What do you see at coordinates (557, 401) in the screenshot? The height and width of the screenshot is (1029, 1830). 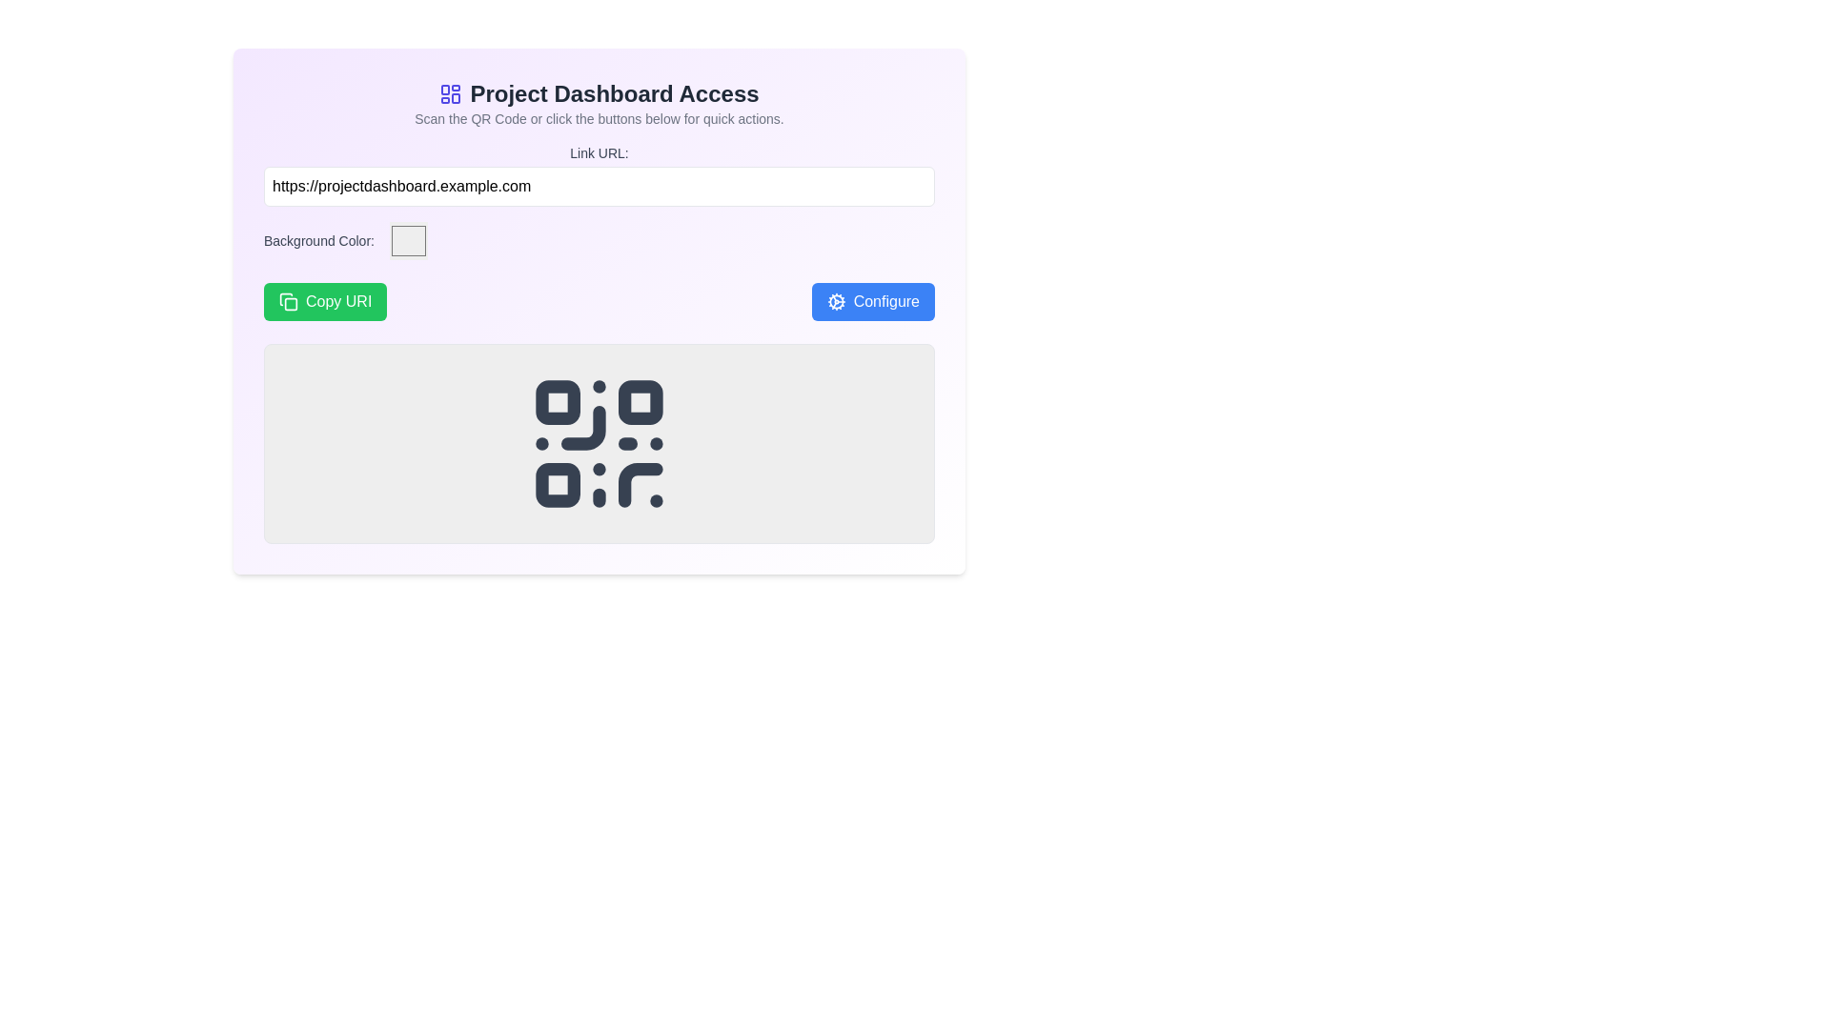 I see `the top-left SVG square component of the QR code, which is used to encode and display data for scanning` at bounding box center [557, 401].